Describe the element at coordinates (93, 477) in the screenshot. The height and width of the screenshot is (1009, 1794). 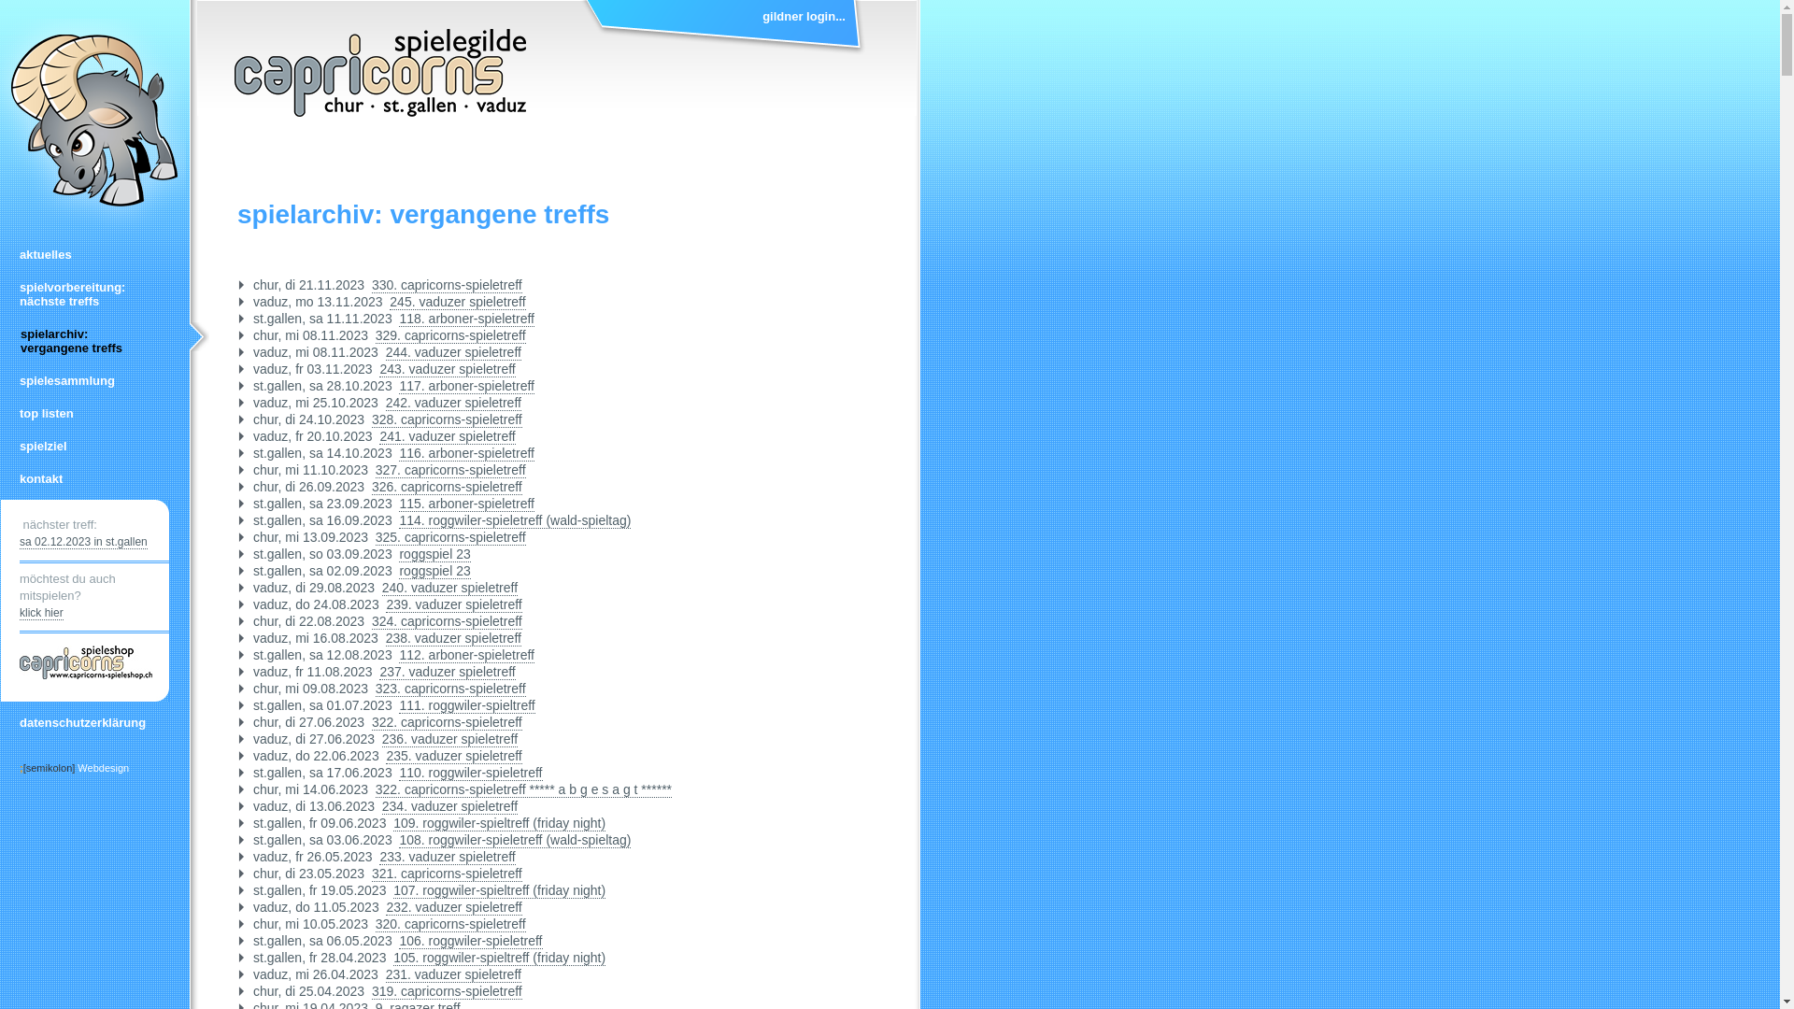
I see `'kontakt'` at that location.